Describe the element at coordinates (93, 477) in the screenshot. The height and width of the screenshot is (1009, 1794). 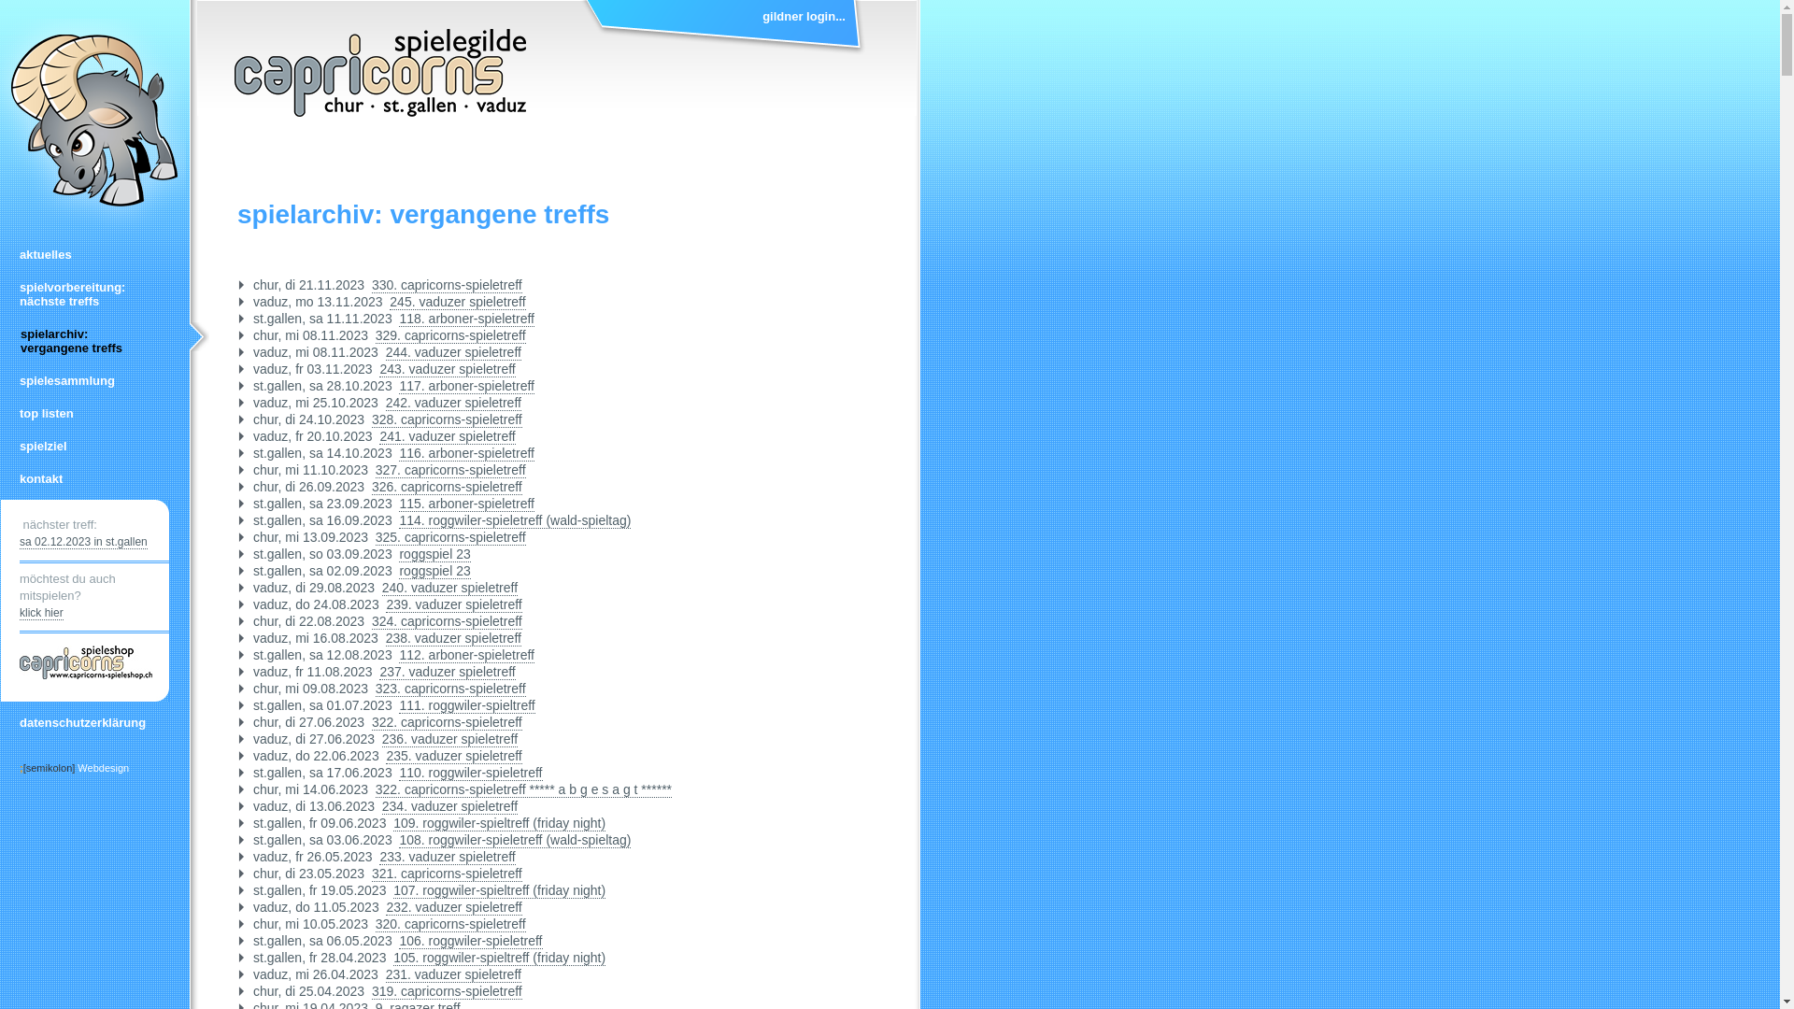
I see `'kontakt'` at that location.